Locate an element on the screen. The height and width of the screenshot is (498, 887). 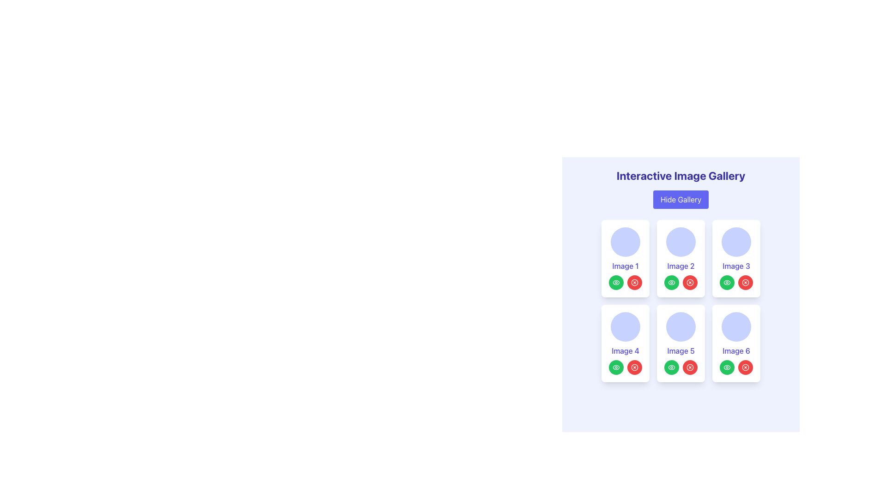
the close or delete button located within the image card, positioned to the right of the green visibility icon is located at coordinates (634, 367).